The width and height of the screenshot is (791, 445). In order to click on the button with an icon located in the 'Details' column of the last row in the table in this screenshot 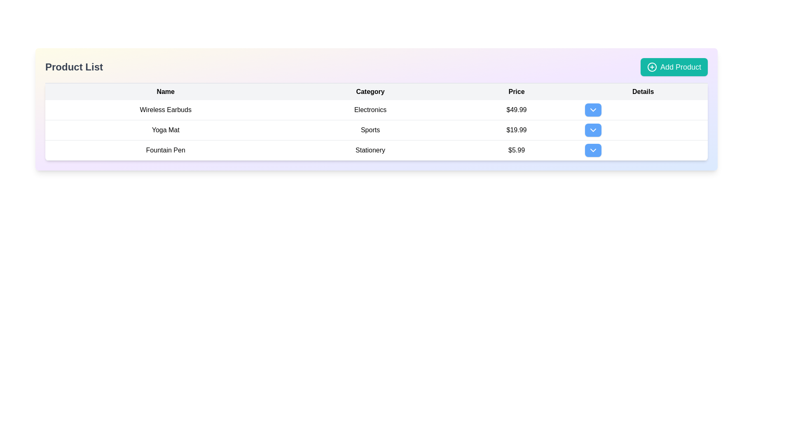, I will do `click(593, 150)`.